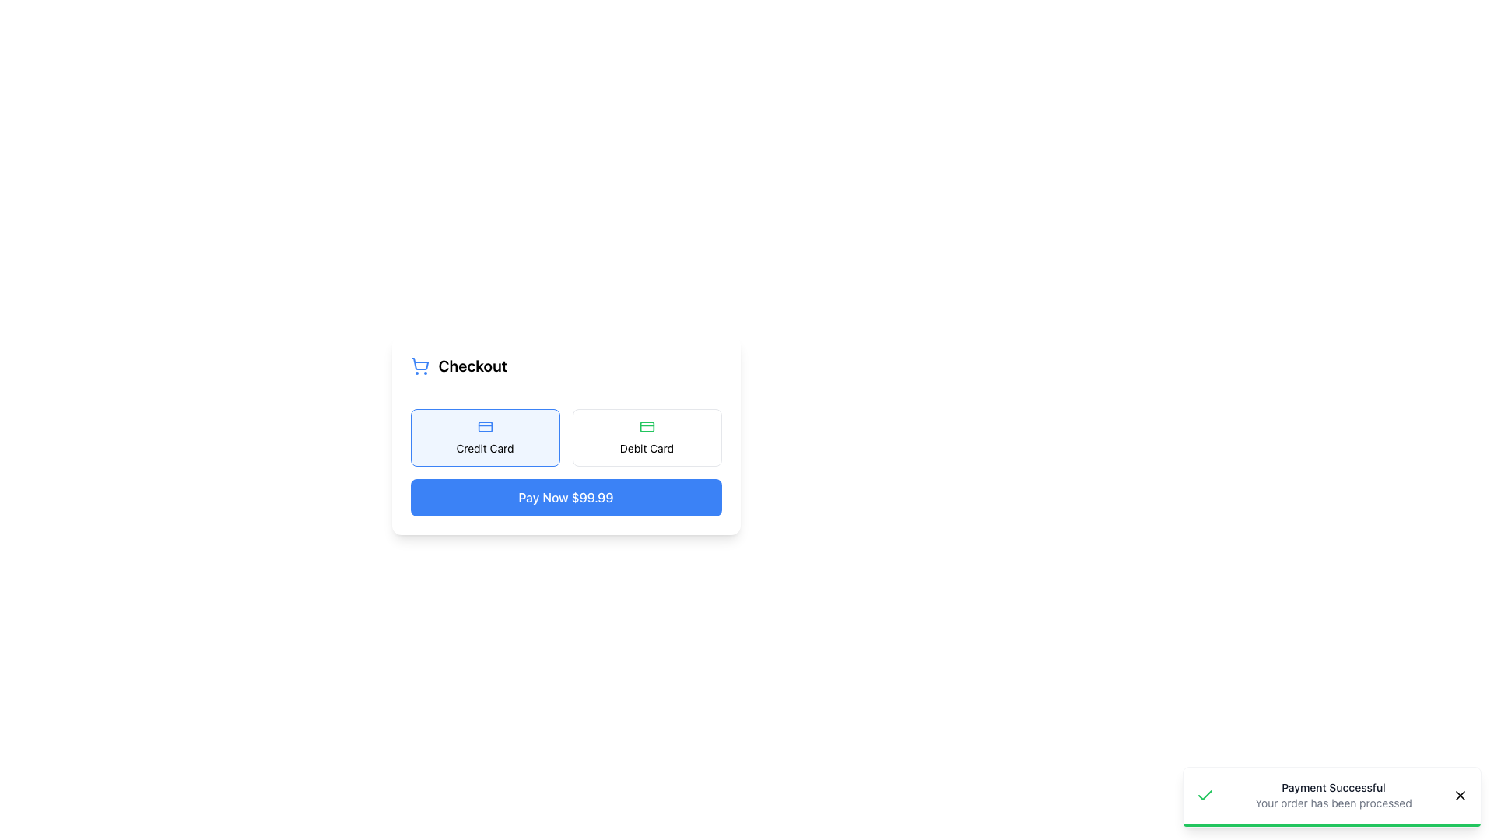  What do you see at coordinates (472, 366) in the screenshot?
I see `text label that identifies the checkout section of the shopping flow, located to the right of the shopping cart icon` at bounding box center [472, 366].